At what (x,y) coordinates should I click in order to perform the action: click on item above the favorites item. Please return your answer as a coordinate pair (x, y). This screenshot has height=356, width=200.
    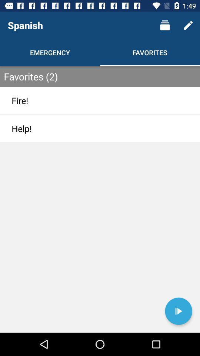
    Looking at the image, I should click on (165, 25).